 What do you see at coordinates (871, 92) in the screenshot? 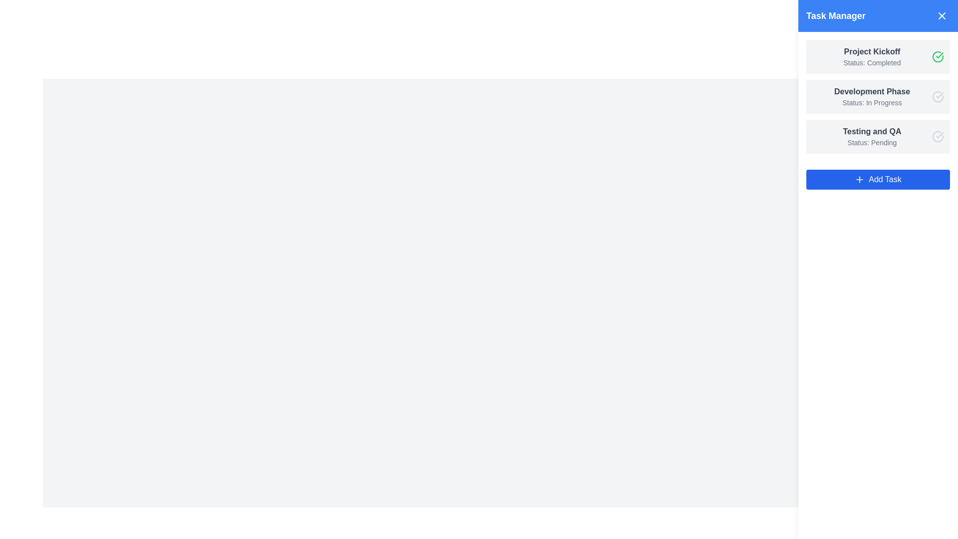
I see `the static text label that serves as the title for the task or phase, located in the middle segment of the sidebar under 'Task Manager', above the text 'Status: In Progress'` at bounding box center [871, 92].